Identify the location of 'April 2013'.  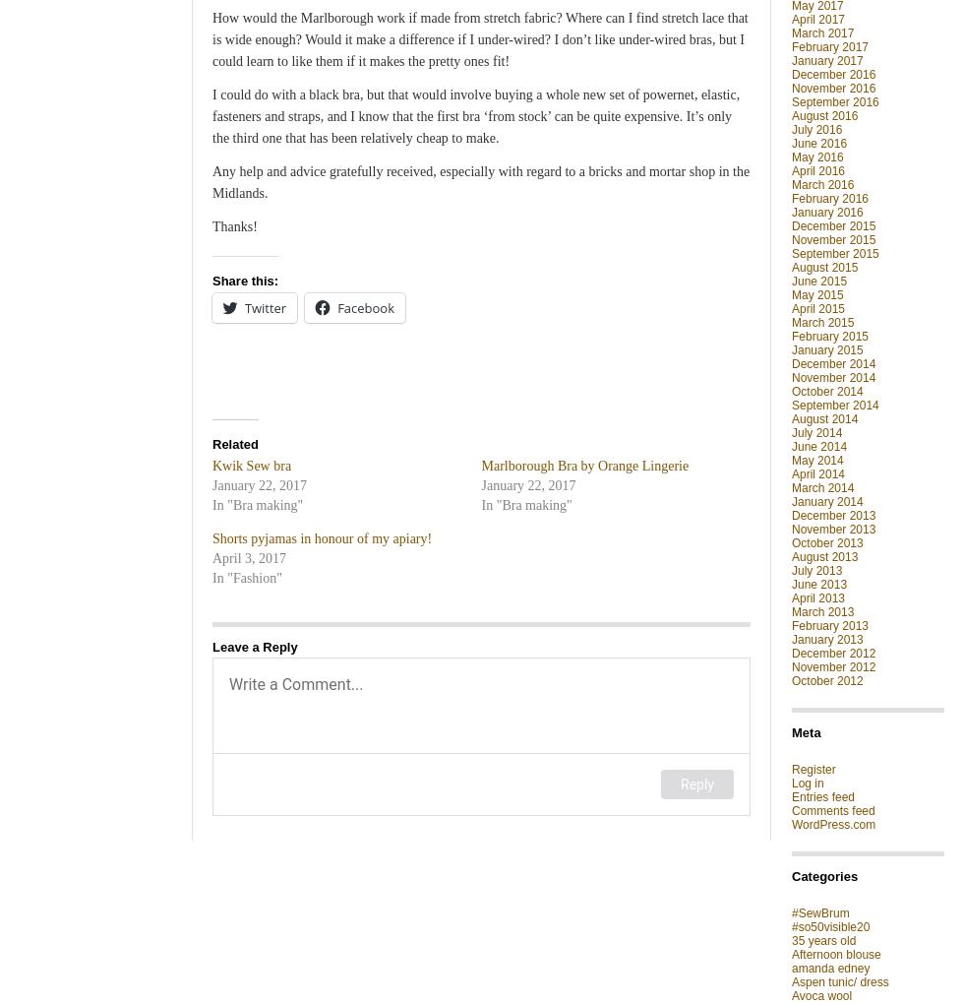
(791, 597).